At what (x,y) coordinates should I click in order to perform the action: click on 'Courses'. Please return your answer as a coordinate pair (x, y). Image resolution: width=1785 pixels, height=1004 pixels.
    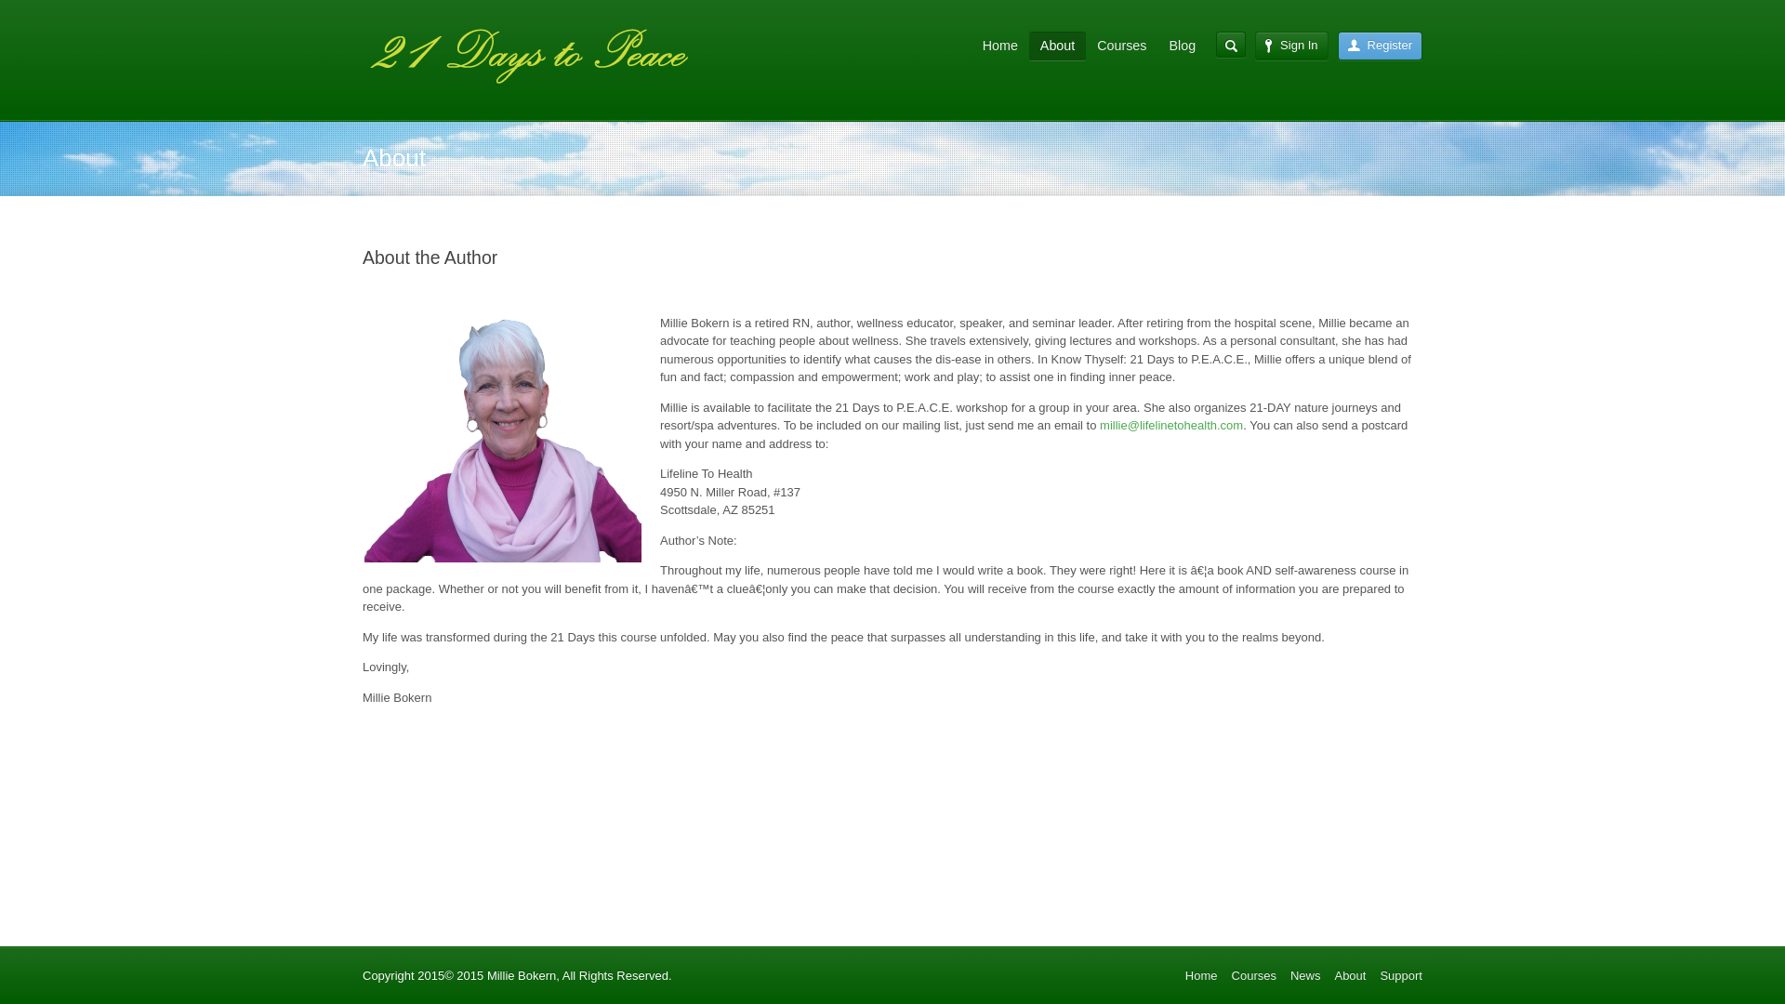
    Looking at the image, I should click on (1120, 45).